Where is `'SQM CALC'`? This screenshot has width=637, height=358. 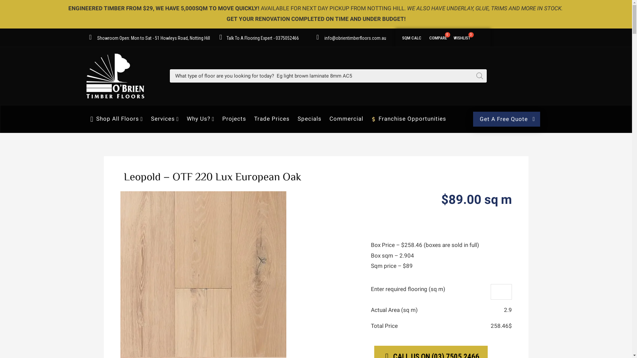 'SQM CALC' is located at coordinates (411, 37).